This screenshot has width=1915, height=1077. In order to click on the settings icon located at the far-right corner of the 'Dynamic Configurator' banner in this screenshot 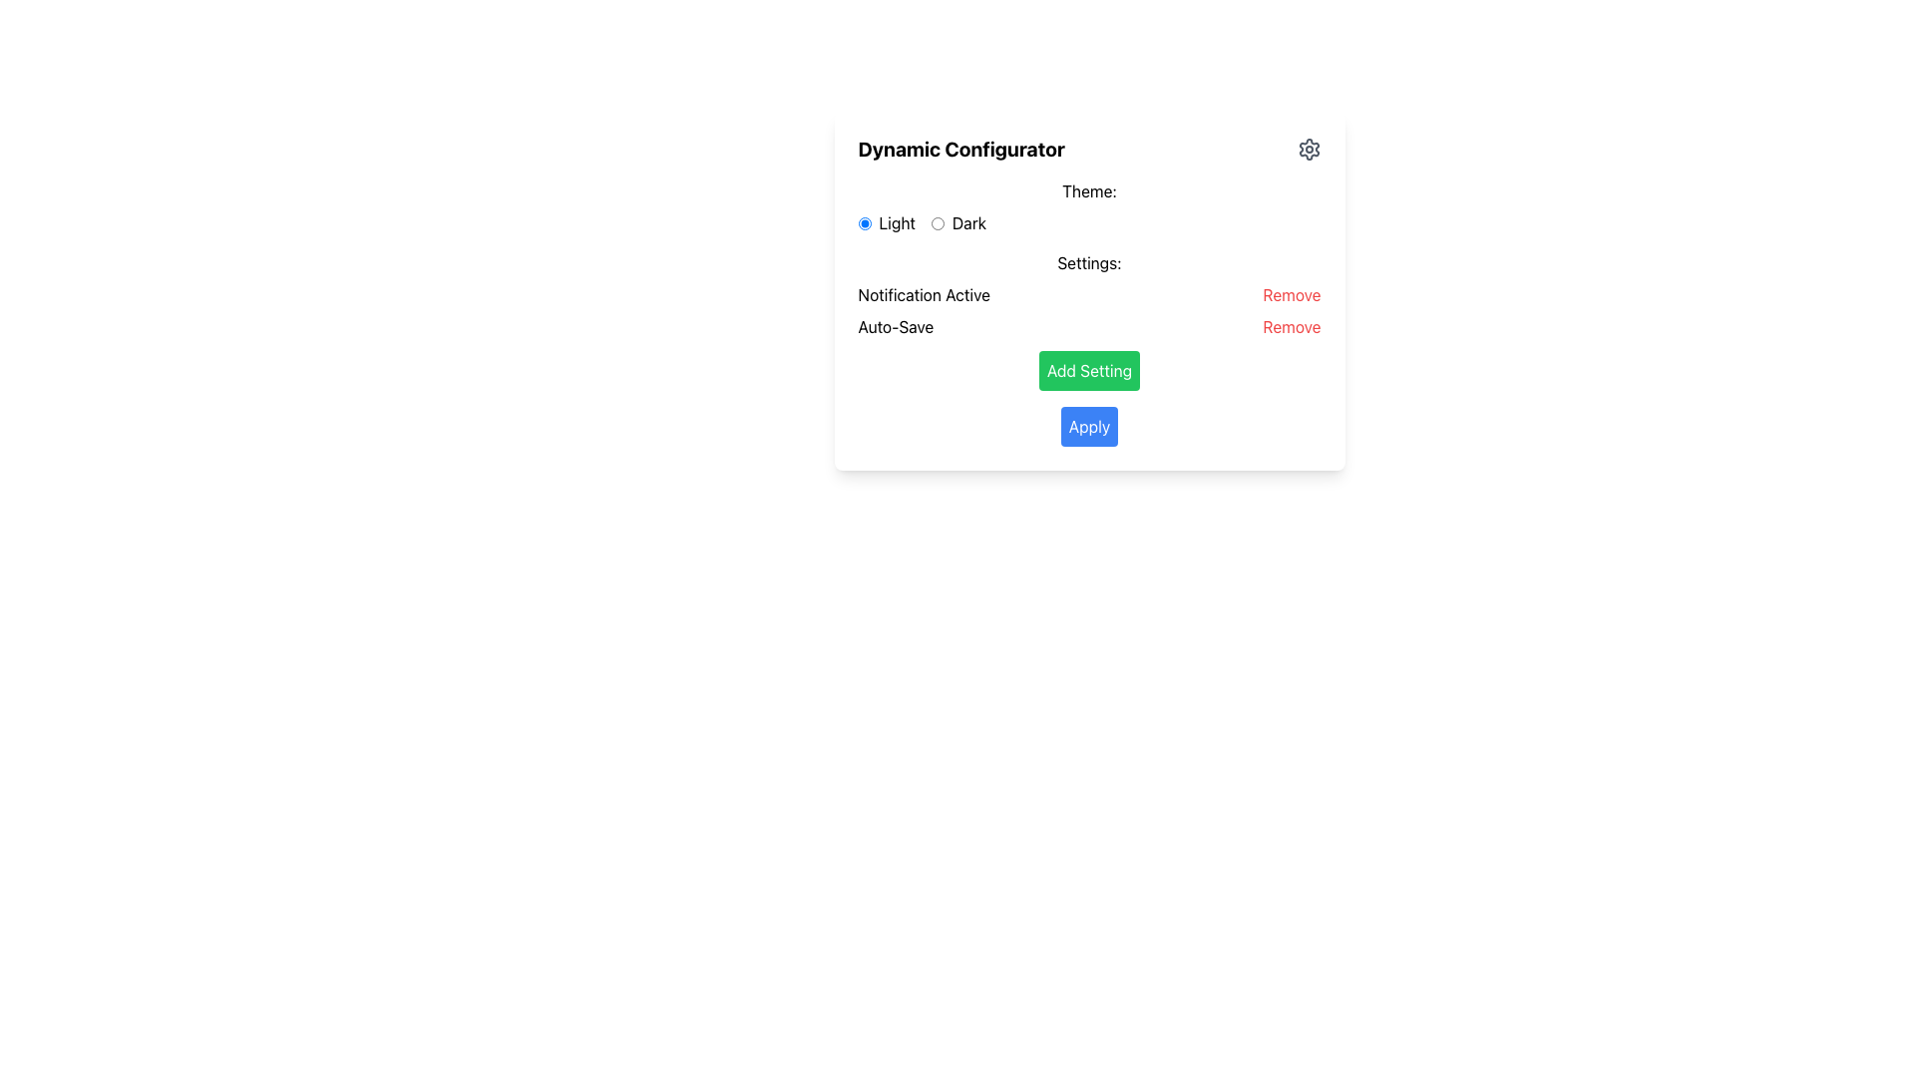, I will do `click(1309, 149)`.